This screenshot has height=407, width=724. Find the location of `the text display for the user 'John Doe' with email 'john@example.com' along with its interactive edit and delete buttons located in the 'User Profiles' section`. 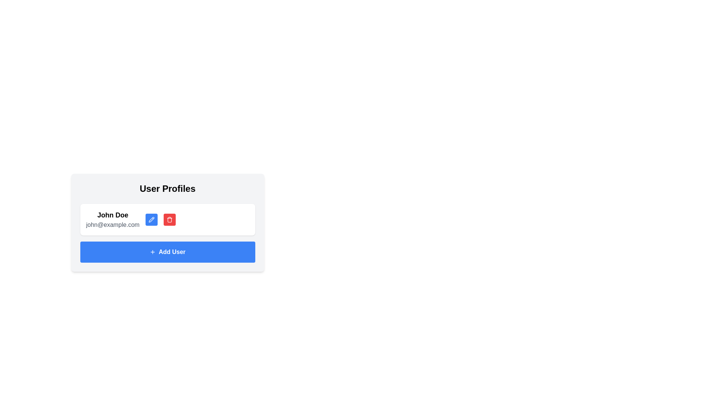

the text display for the user 'John Doe' with email 'john@example.com' along with its interactive edit and delete buttons located in the 'User Profiles' section is located at coordinates (131, 219).